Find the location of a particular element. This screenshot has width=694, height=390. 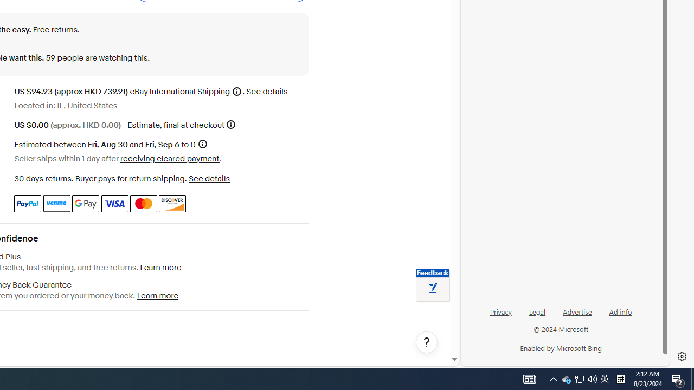

'Google Pay' is located at coordinates (85, 203).